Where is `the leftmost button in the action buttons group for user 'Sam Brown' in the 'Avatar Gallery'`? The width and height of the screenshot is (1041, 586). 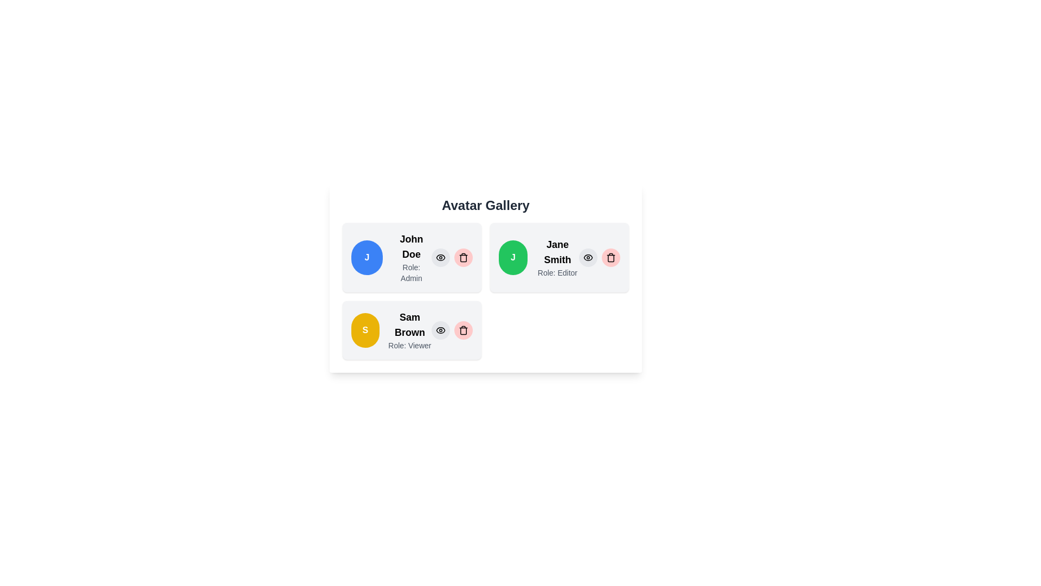
the leftmost button in the action buttons group for user 'Sam Brown' in the 'Avatar Gallery' is located at coordinates (440, 330).